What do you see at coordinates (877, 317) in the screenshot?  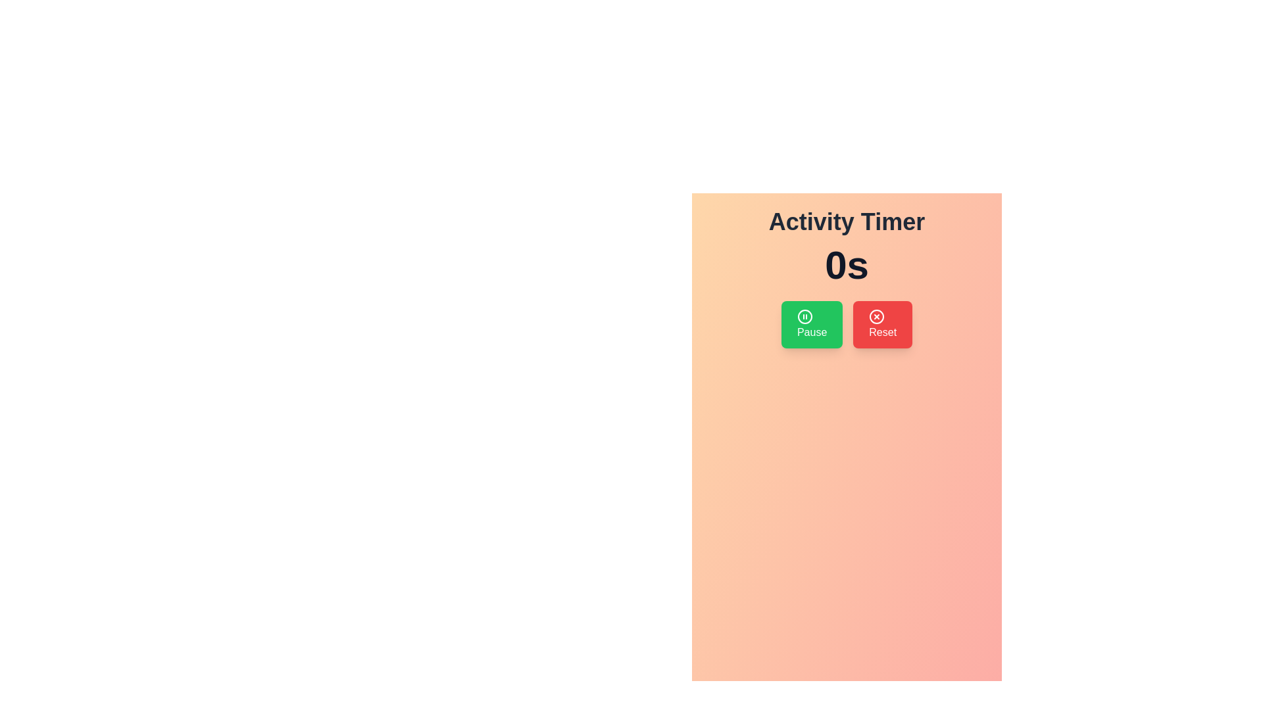 I see `the decorative icon within the 'Reset' button, which is red and positioned to the right of the green 'Pause' button below the 'Activity Timer' heading` at bounding box center [877, 317].